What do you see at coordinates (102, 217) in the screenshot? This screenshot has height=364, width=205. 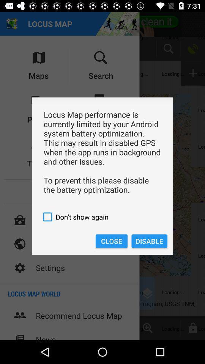 I see `don t show` at bounding box center [102, 217].